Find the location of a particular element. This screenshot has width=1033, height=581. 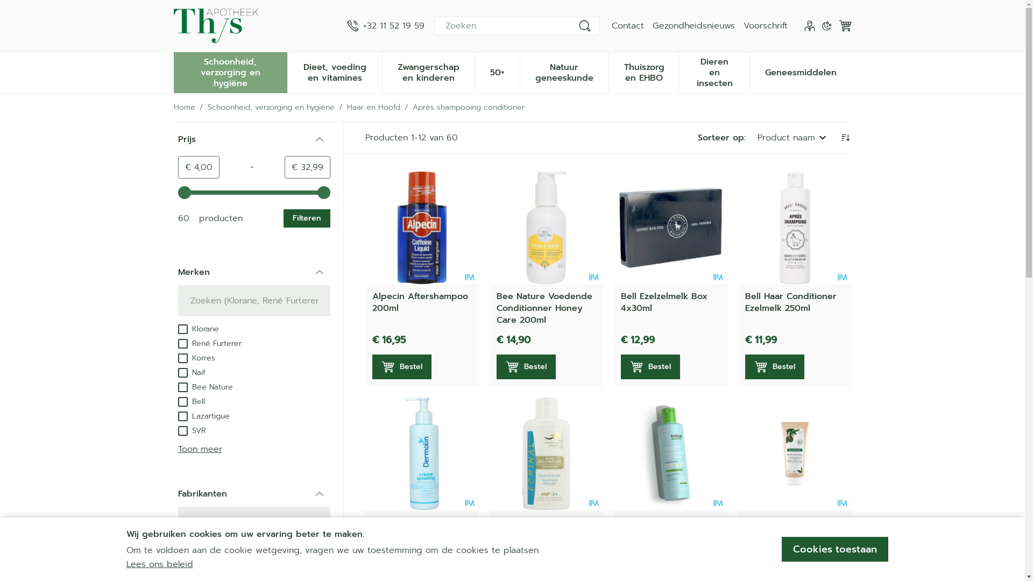

'Klant menu' is located at coordinates (803, 25).